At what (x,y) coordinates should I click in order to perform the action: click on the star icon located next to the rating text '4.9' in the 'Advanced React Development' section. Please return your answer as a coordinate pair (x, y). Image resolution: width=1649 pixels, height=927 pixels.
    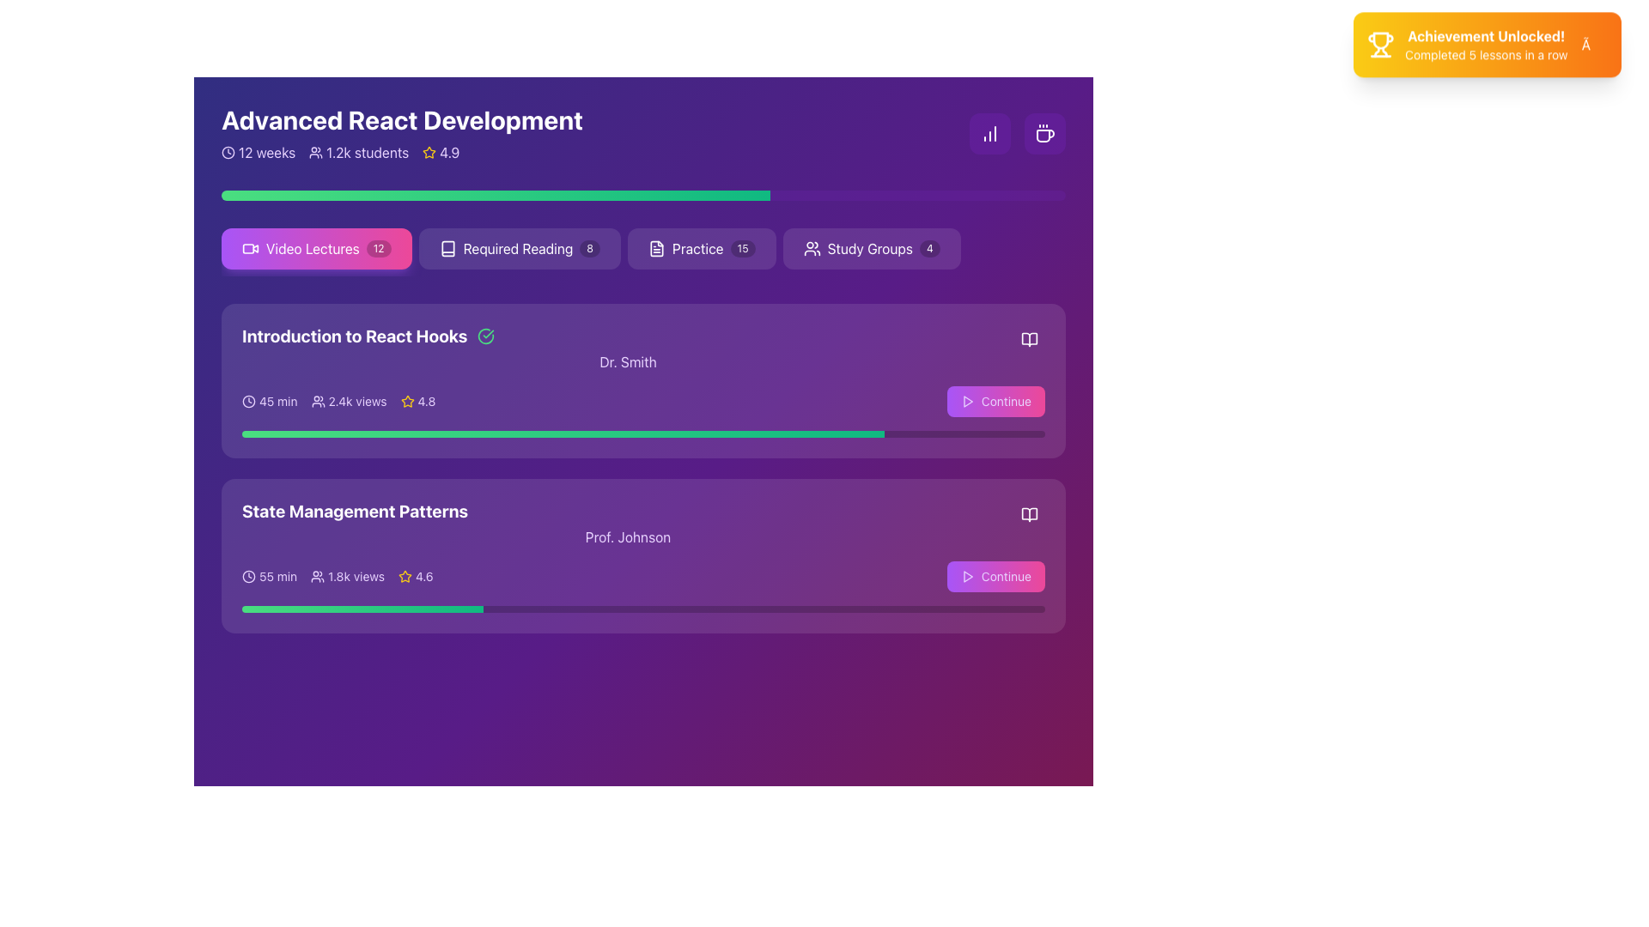
    Looking at the image, I should click on (406, 401).